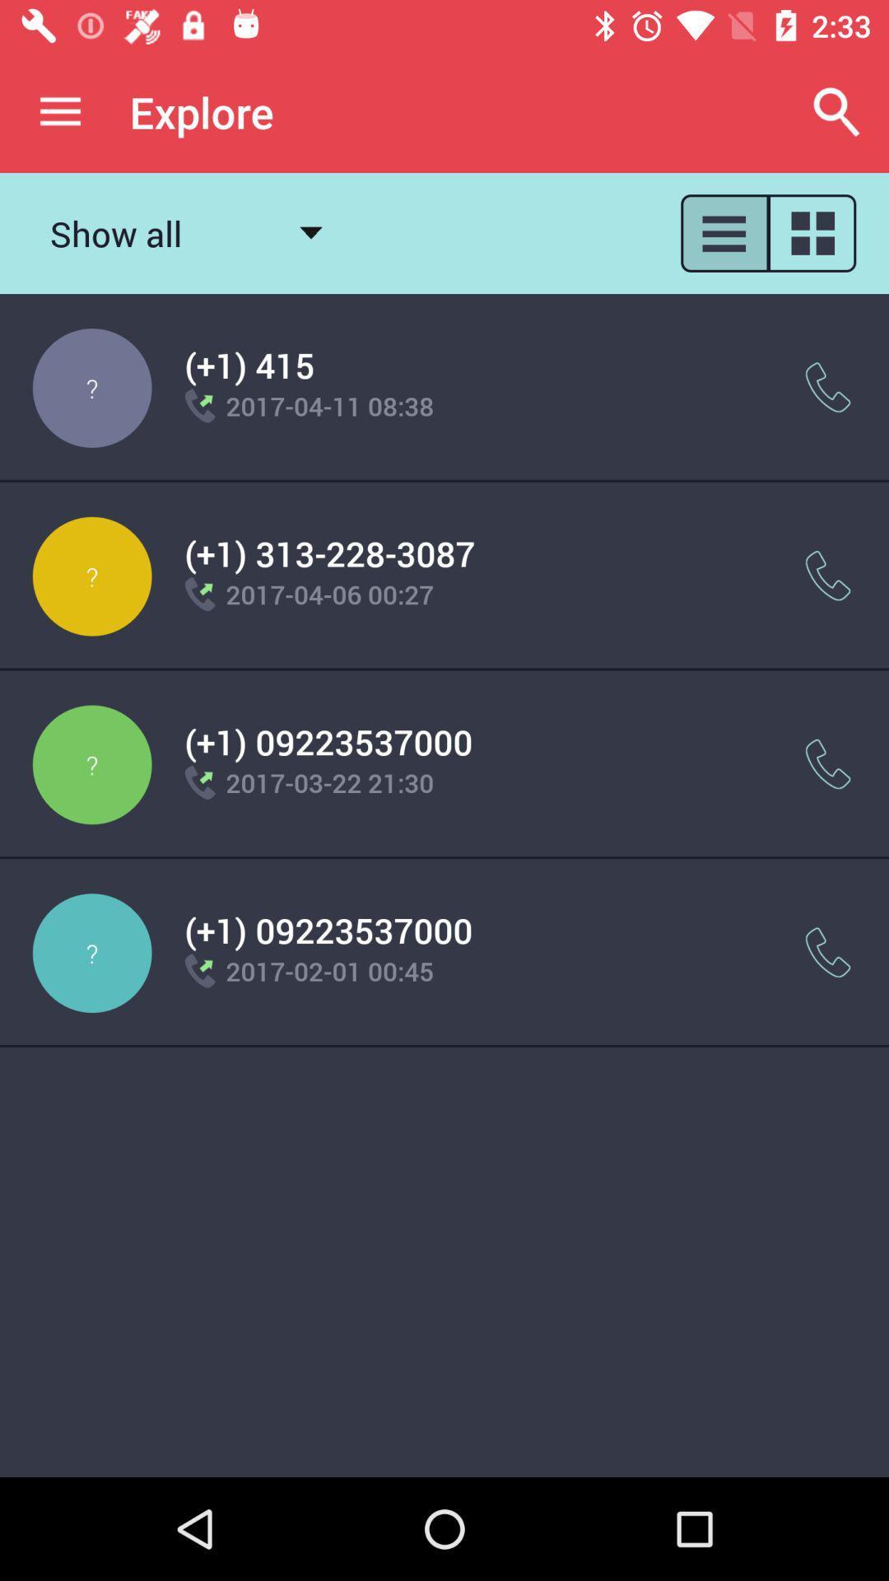  I want to click on apps, so click(723, 232).